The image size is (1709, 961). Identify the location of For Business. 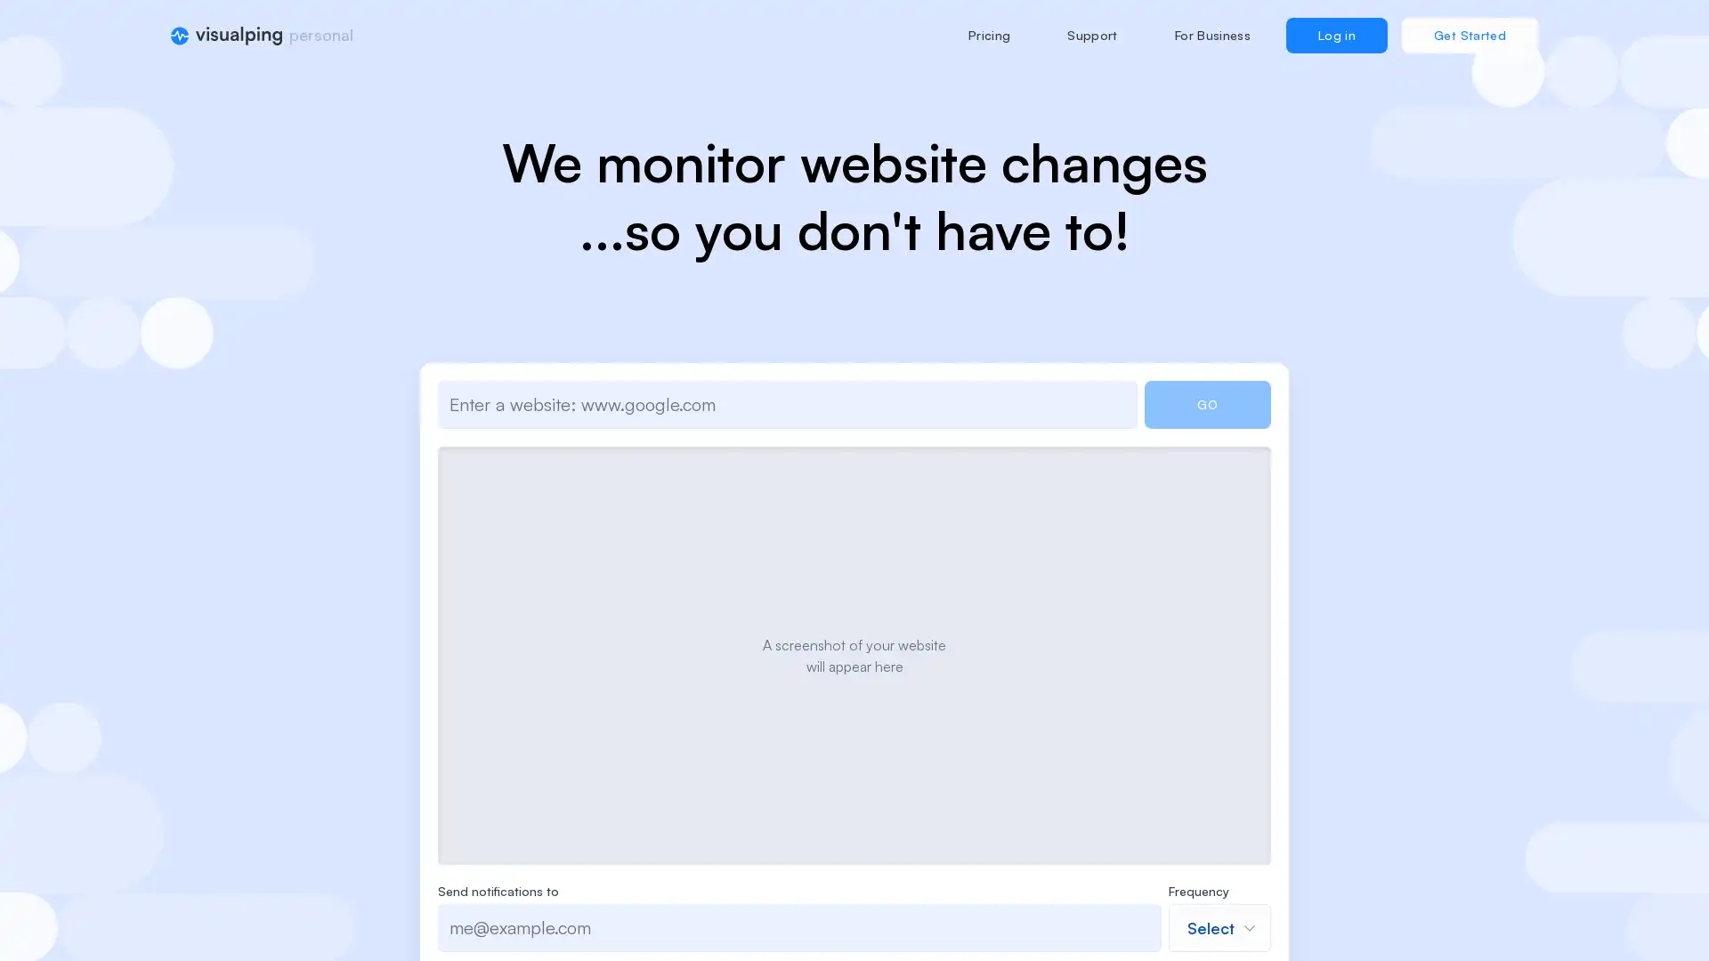
(1211, 35).